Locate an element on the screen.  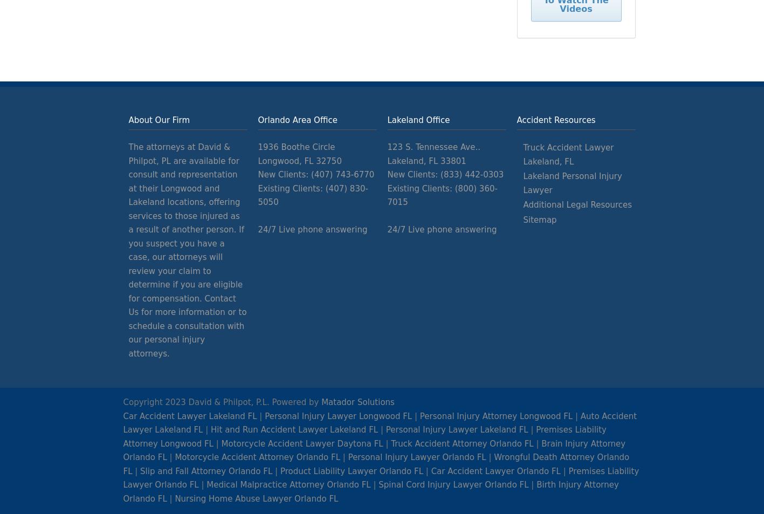
'Longwood, FL 32750' is located at coordinates (299, 160).